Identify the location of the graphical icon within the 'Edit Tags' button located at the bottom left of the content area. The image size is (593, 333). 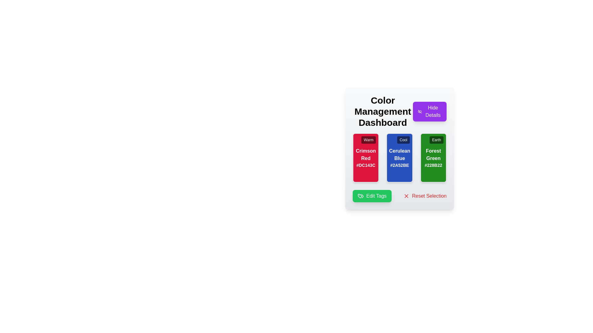
(360, 196).